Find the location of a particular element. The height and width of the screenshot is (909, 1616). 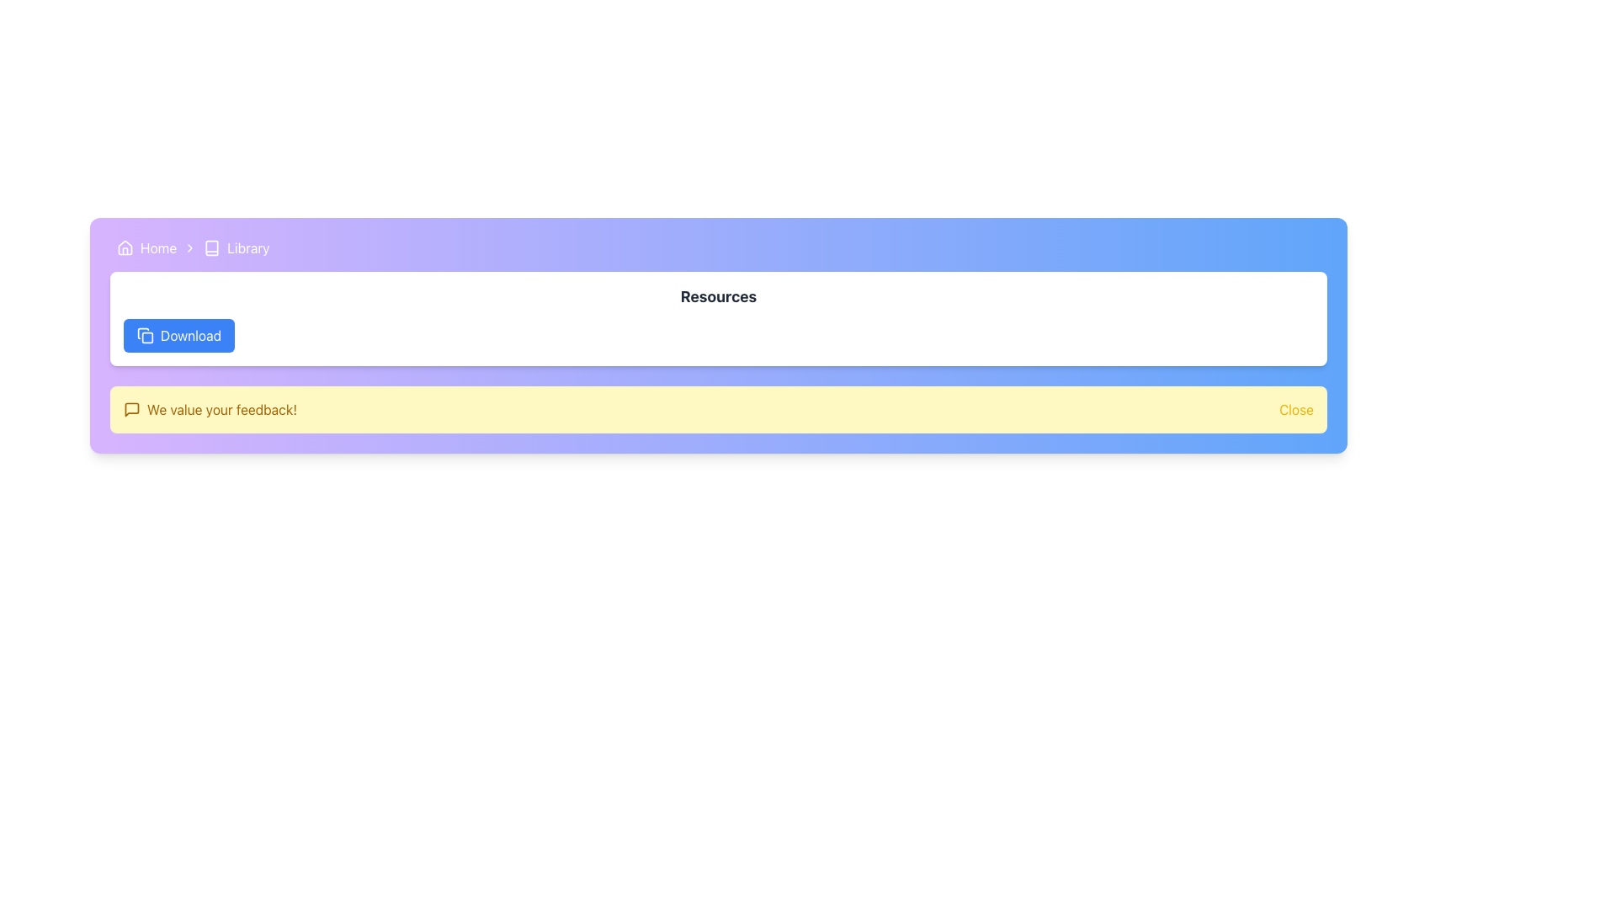

the button located in the top-left corner of the navigation bar, preceding the 'Library' link is located at coordinates (146, 247).